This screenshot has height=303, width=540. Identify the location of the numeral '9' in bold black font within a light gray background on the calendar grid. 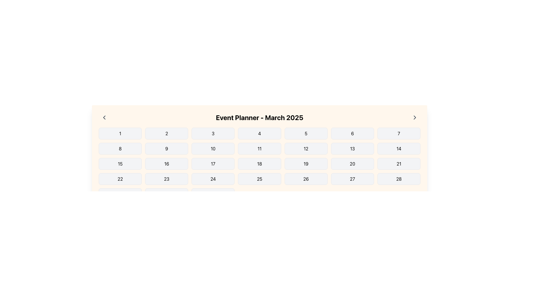
(166, 148).